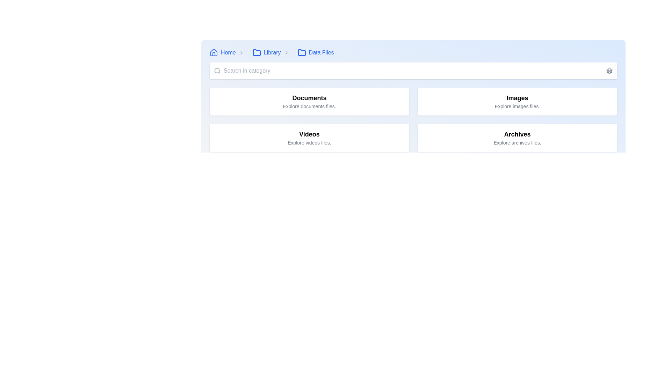  What do you see at coordinates (256, 52) in the screenshot?
I see `the decorative 'Library' breadcrumb icon located on the left side of the breadcrumb bar by viewing it as decoration` at bounding box center [256, 52].